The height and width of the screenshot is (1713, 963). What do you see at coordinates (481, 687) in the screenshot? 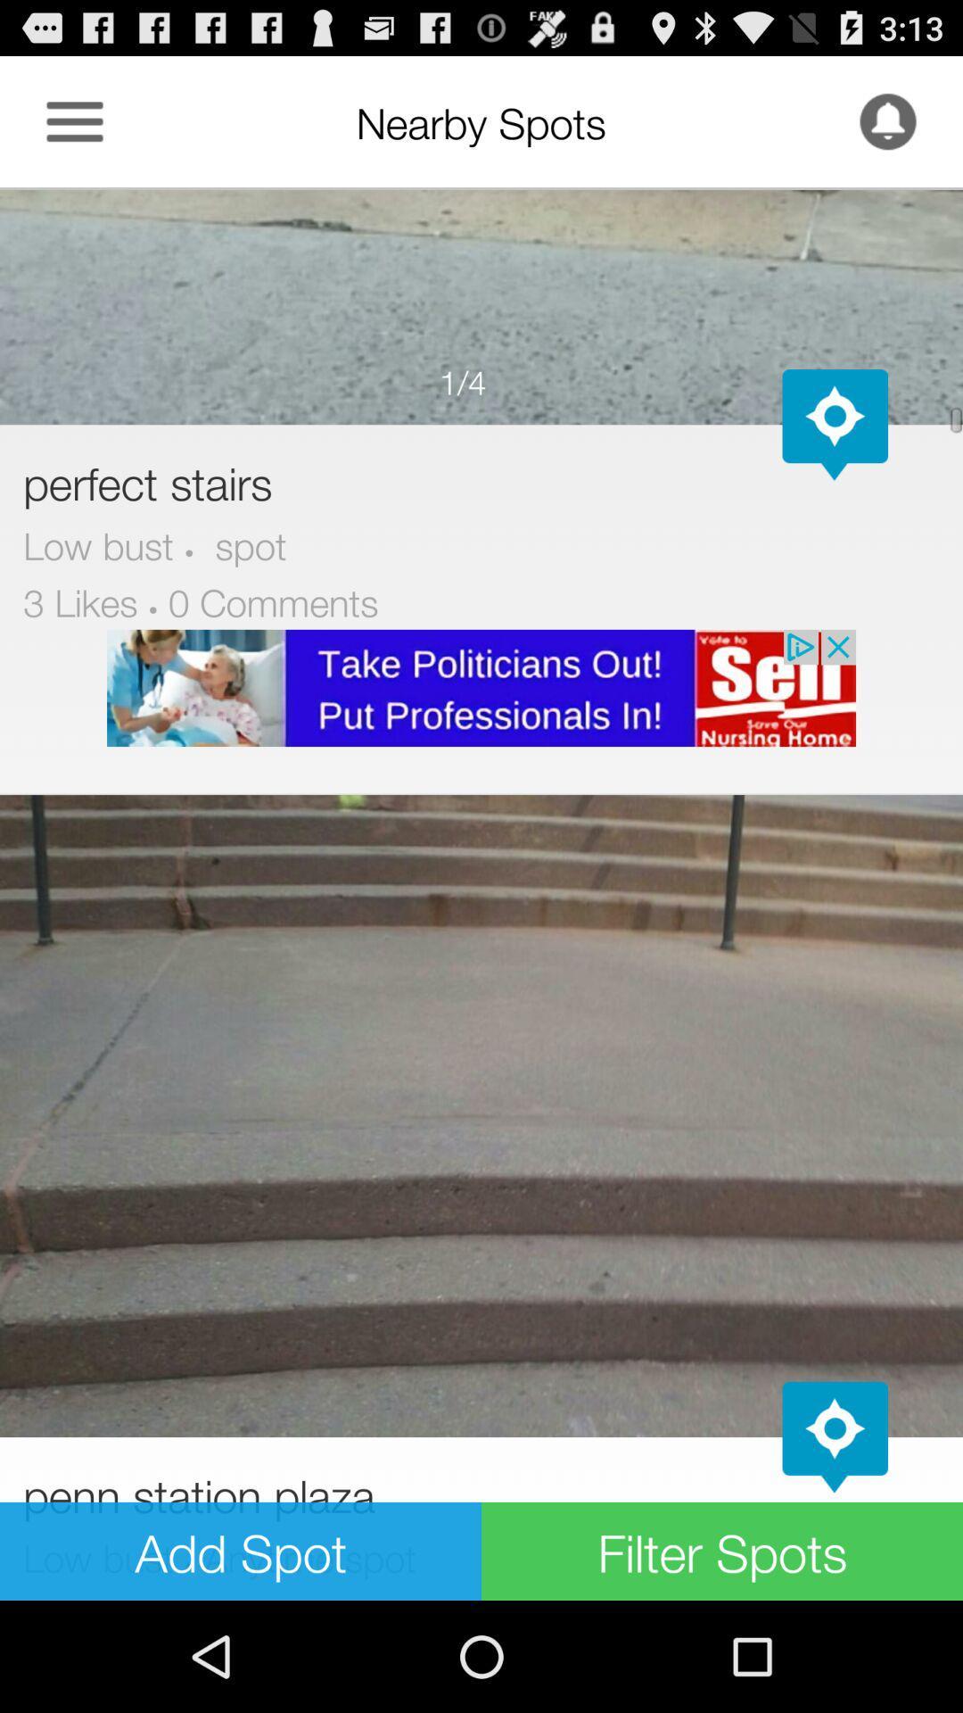
I see `open advertisement` at bounding box center [481, 687].